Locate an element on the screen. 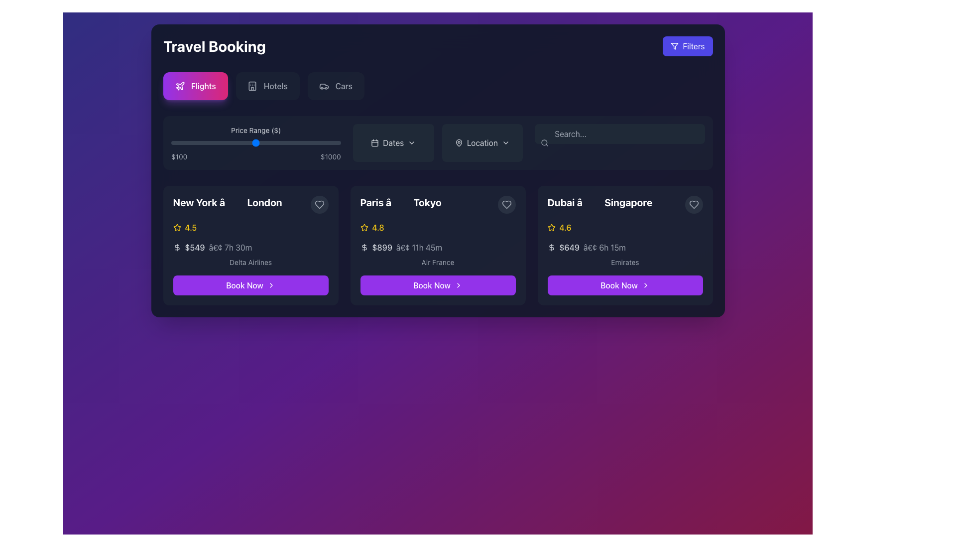 This screenshot has width=956, height=538. the 'Dates' icon located on the header bar, which is the first item in a group with a text label and a chevron icon is located at coordinates (374, 142).